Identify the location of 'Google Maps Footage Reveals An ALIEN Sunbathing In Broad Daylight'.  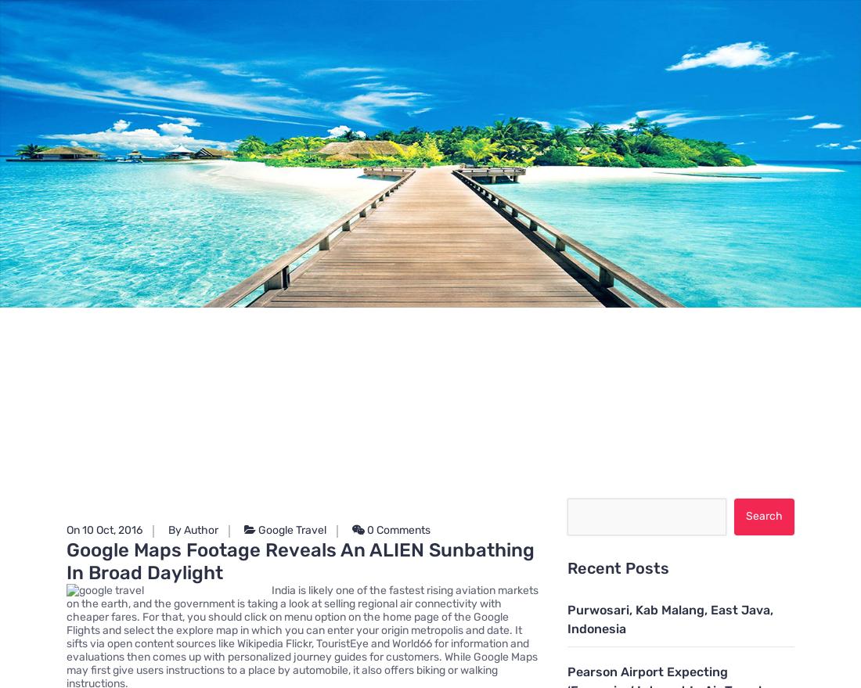
(301, 560).